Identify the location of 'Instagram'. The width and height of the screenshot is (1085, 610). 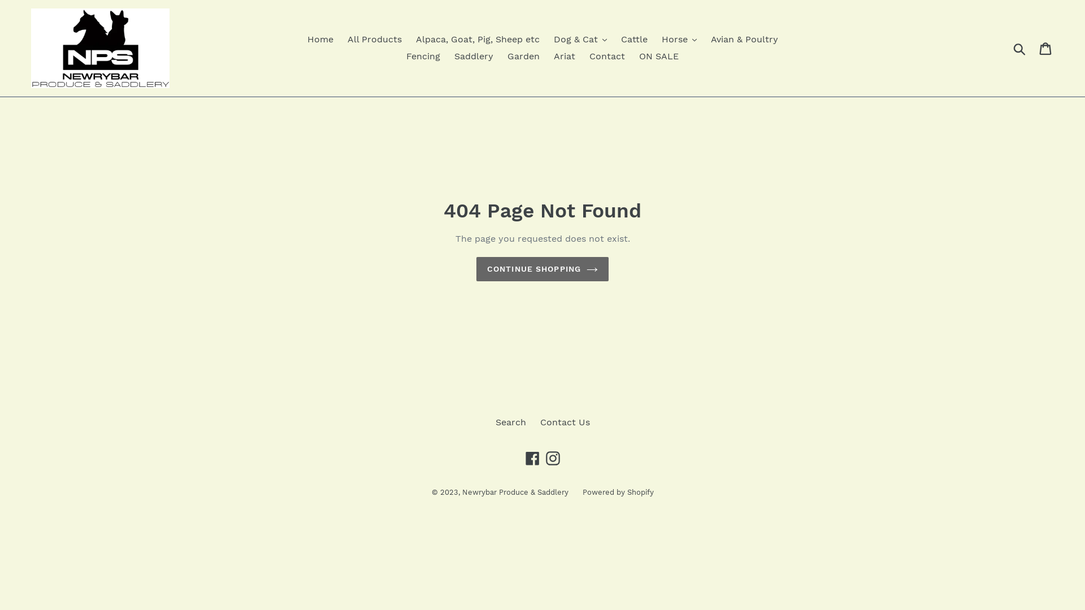
(543, 457).